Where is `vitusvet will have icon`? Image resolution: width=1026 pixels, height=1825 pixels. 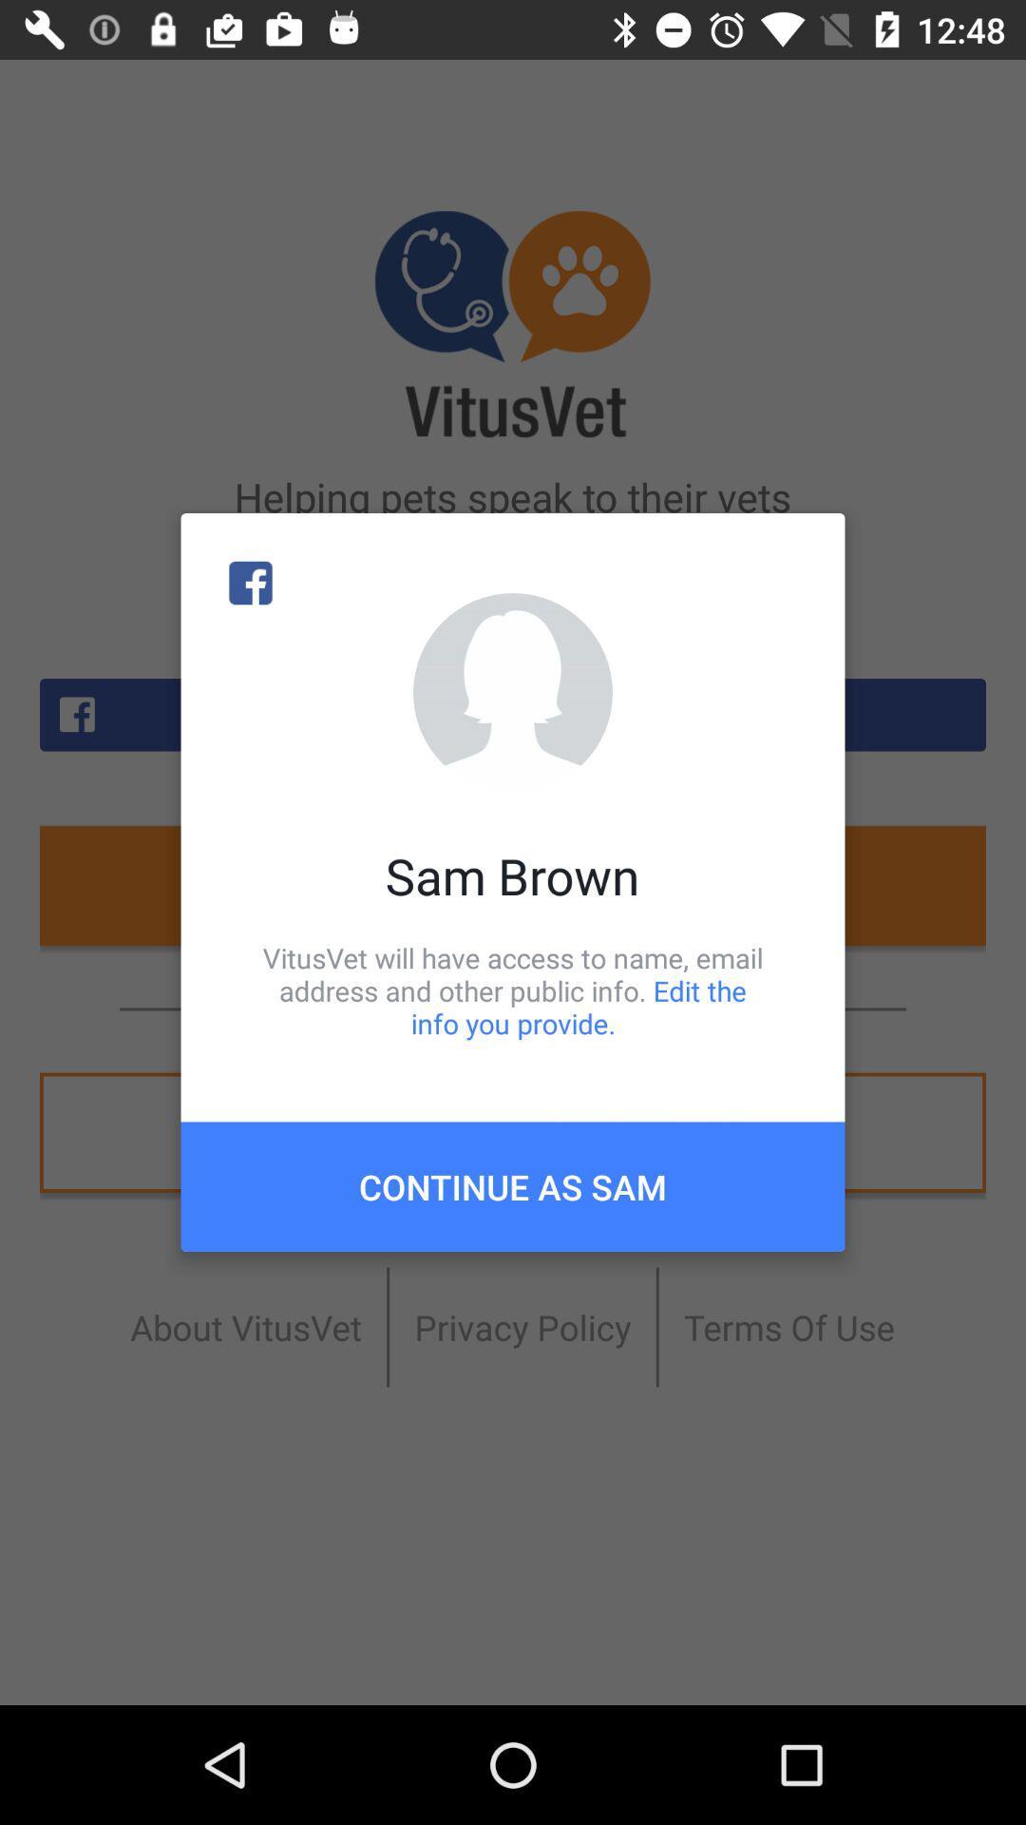 vitusvet will have icon is located at coordinates (513, 989).